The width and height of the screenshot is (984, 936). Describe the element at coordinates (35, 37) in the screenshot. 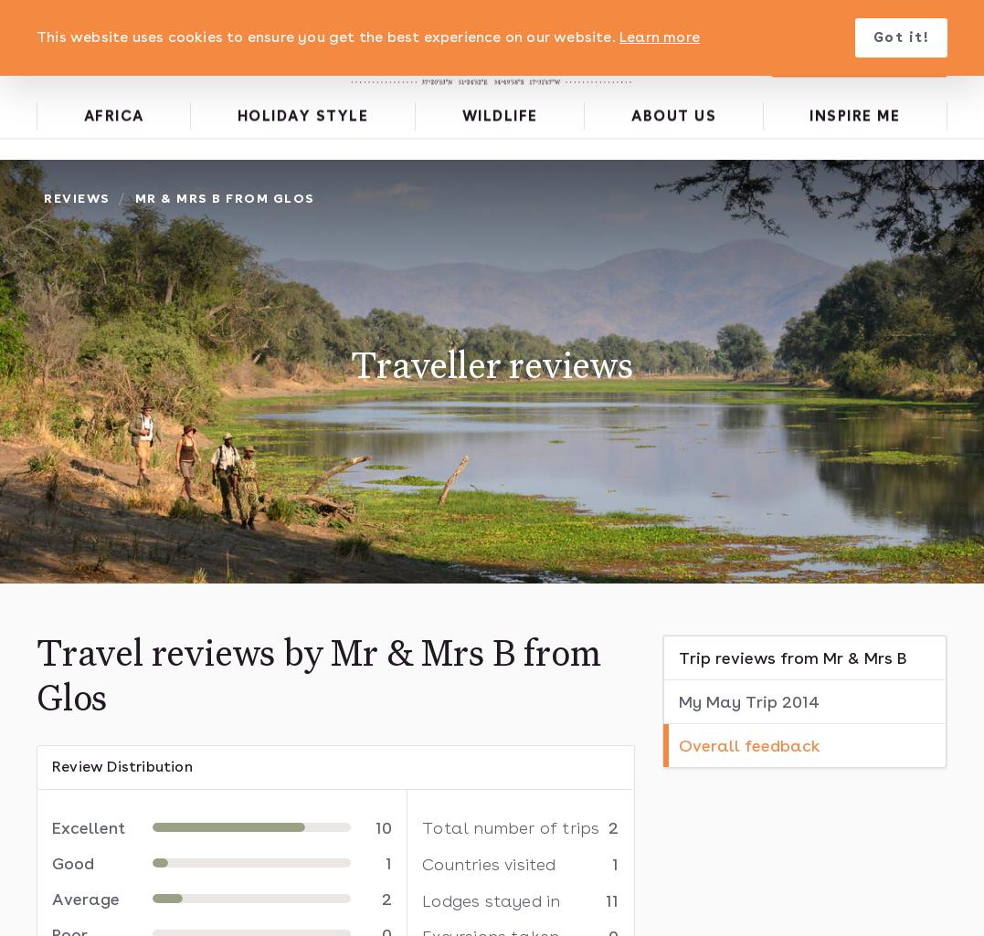

I see `'This website uses cookies to ensure you get the best experience on our website.'` at that location.